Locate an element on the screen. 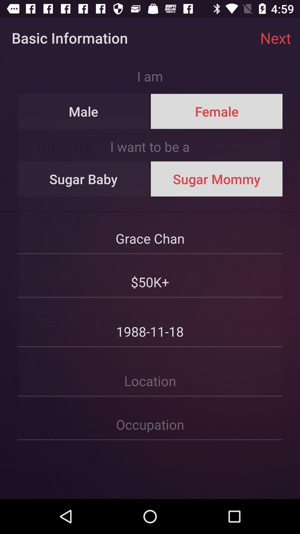 The width and height of the screenshot is (300, 534). the item above the i want to icon is located at coordinates (216, 111).